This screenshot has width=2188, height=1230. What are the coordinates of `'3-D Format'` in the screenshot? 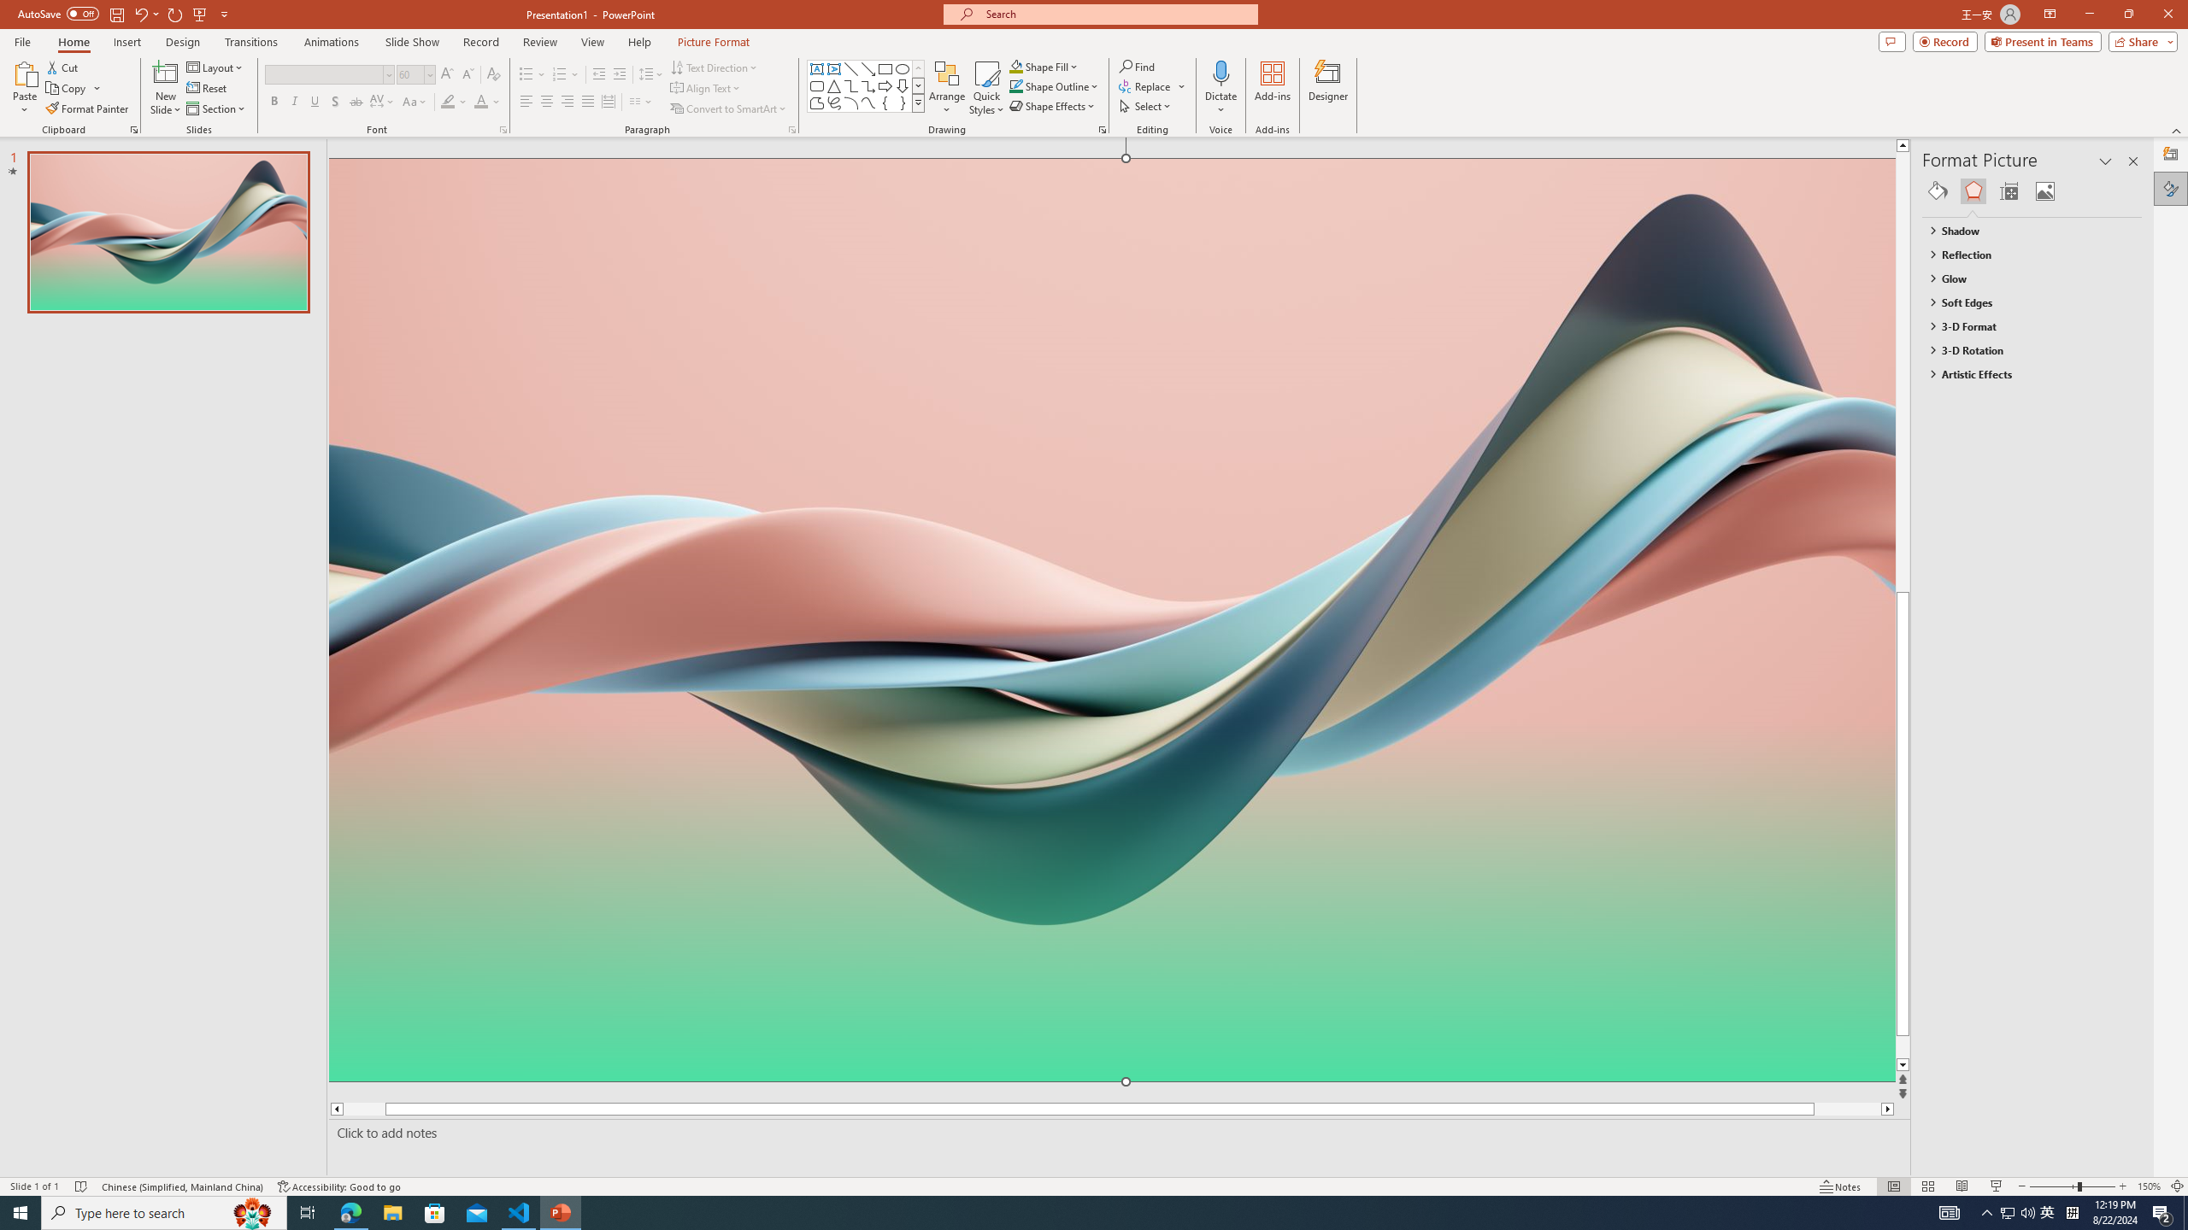 It's located at (2024, 326).